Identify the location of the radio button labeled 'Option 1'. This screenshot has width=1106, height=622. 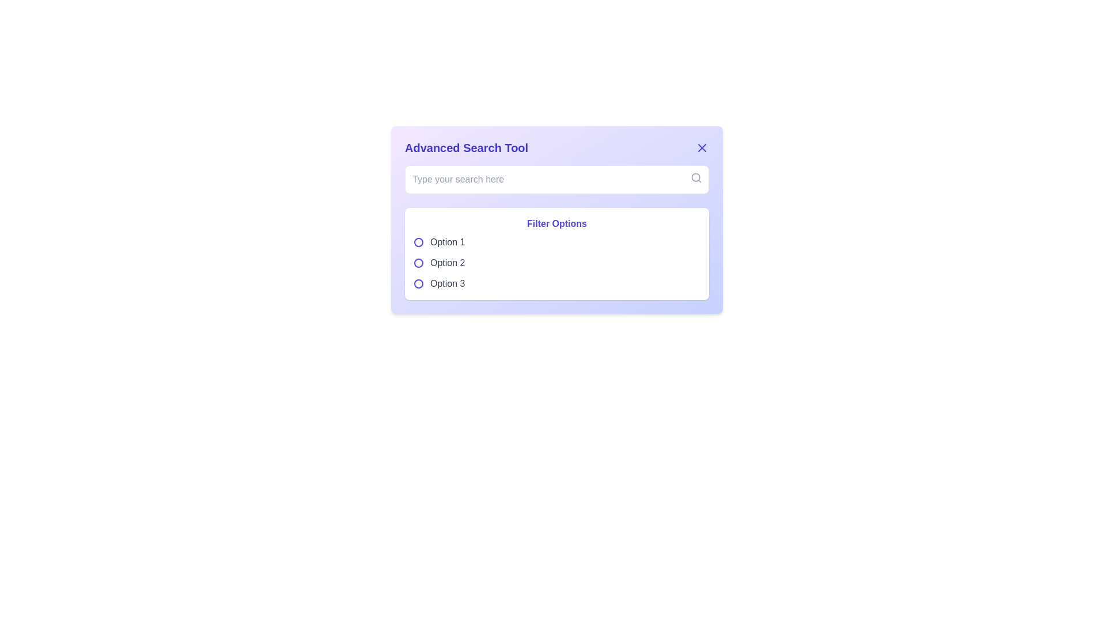
(418, 241).